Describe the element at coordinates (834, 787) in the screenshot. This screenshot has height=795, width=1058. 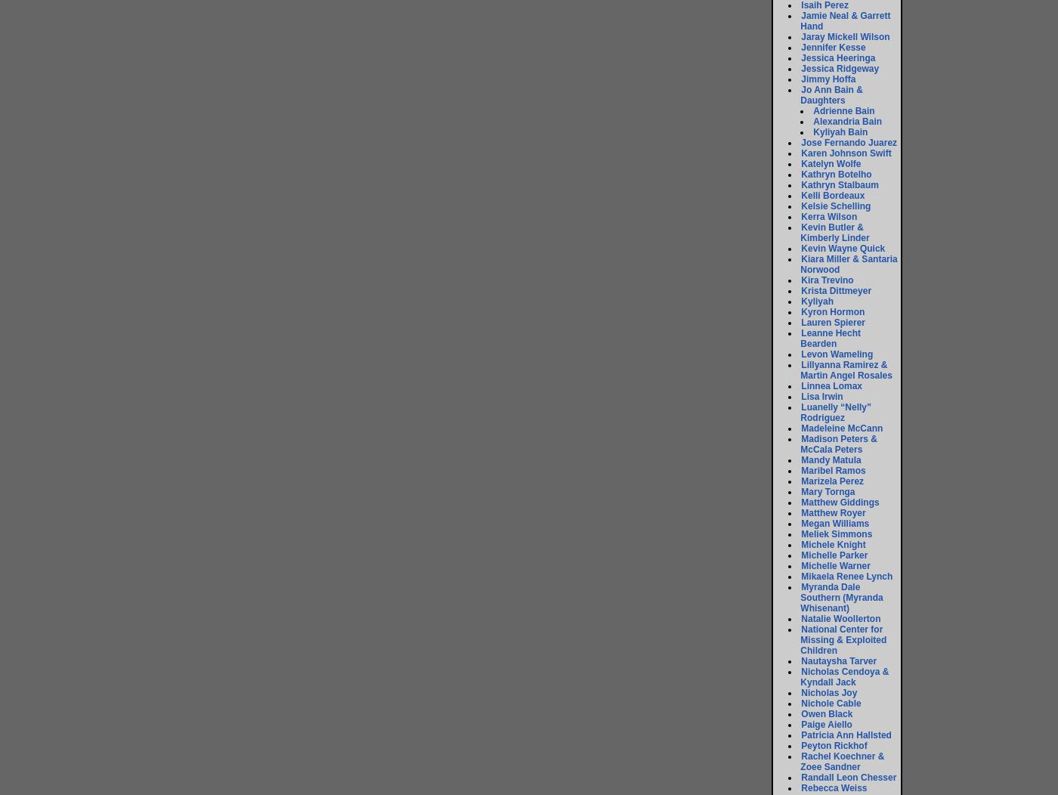
I see `'Rebecca Weiss'` at that location.